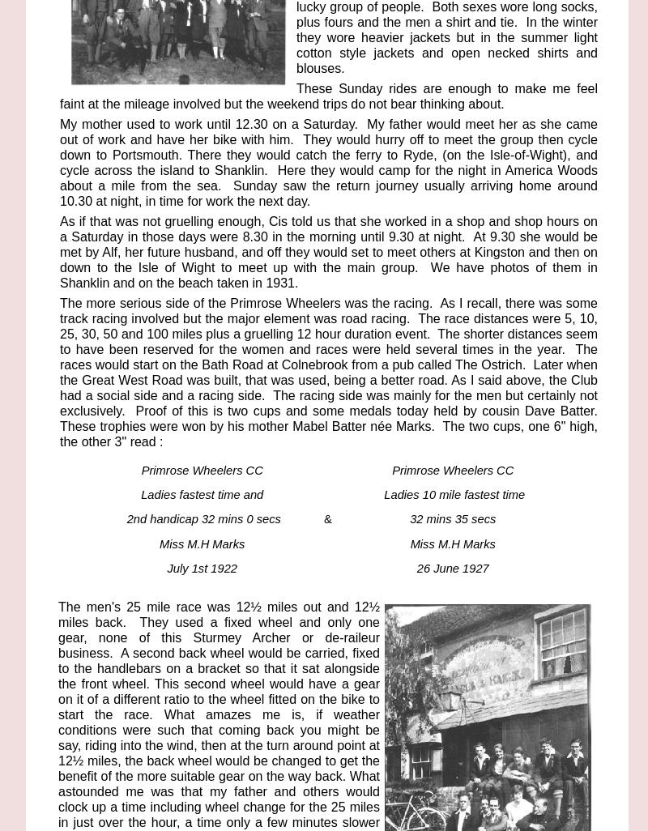 Image resolution: width=648 pixels, height=831 pixels. What do you see at coordinates (244, 752) in the screenshot?
I see `'1922                              June 26 1927'` at bounding box center [244, 752].